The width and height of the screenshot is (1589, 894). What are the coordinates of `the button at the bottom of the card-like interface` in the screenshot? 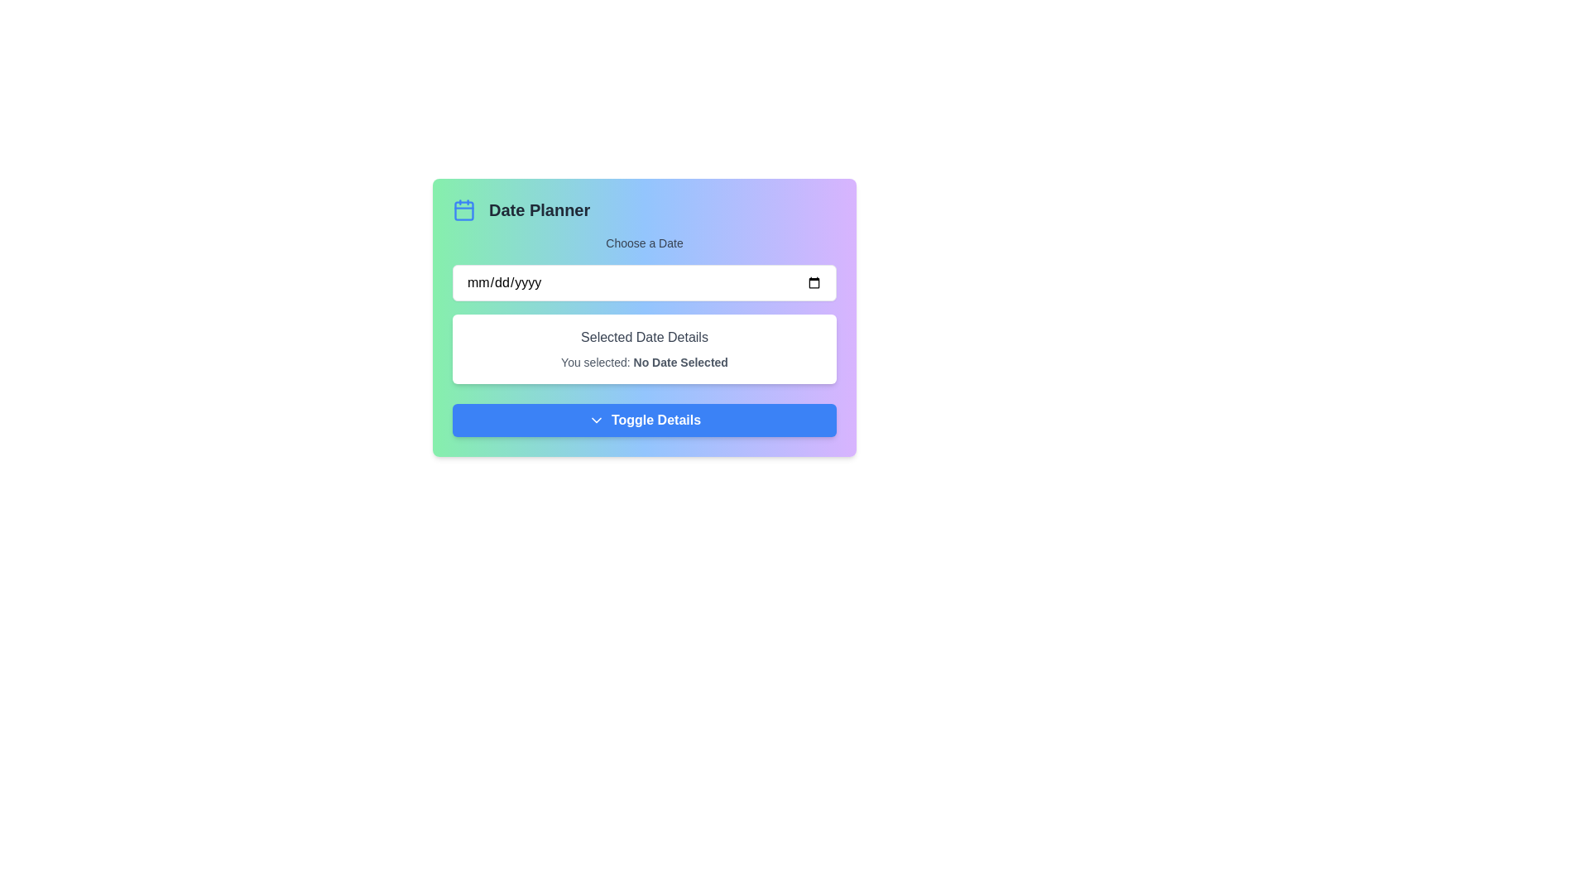 It's located at (643, 420).